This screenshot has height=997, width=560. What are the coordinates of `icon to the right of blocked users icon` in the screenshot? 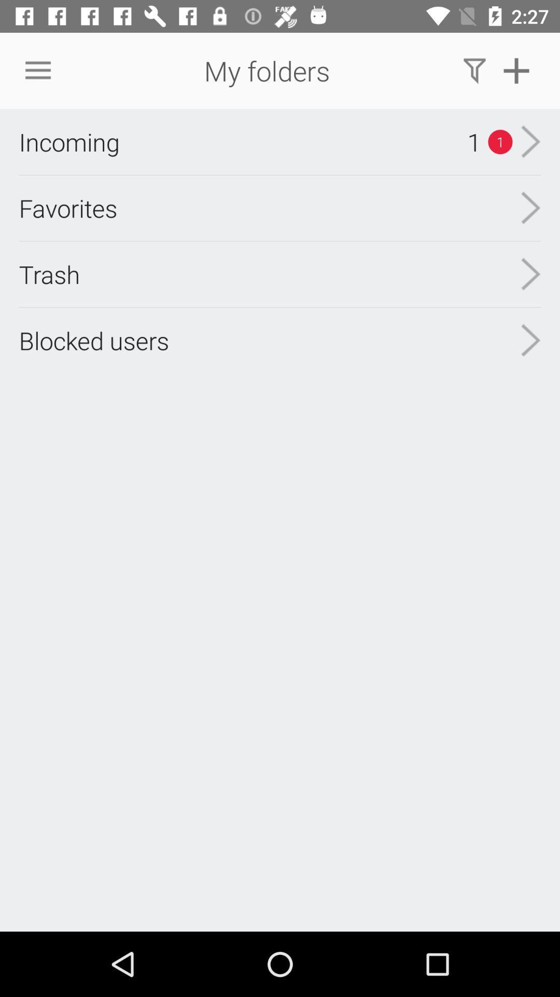 It's located at (530, 340).